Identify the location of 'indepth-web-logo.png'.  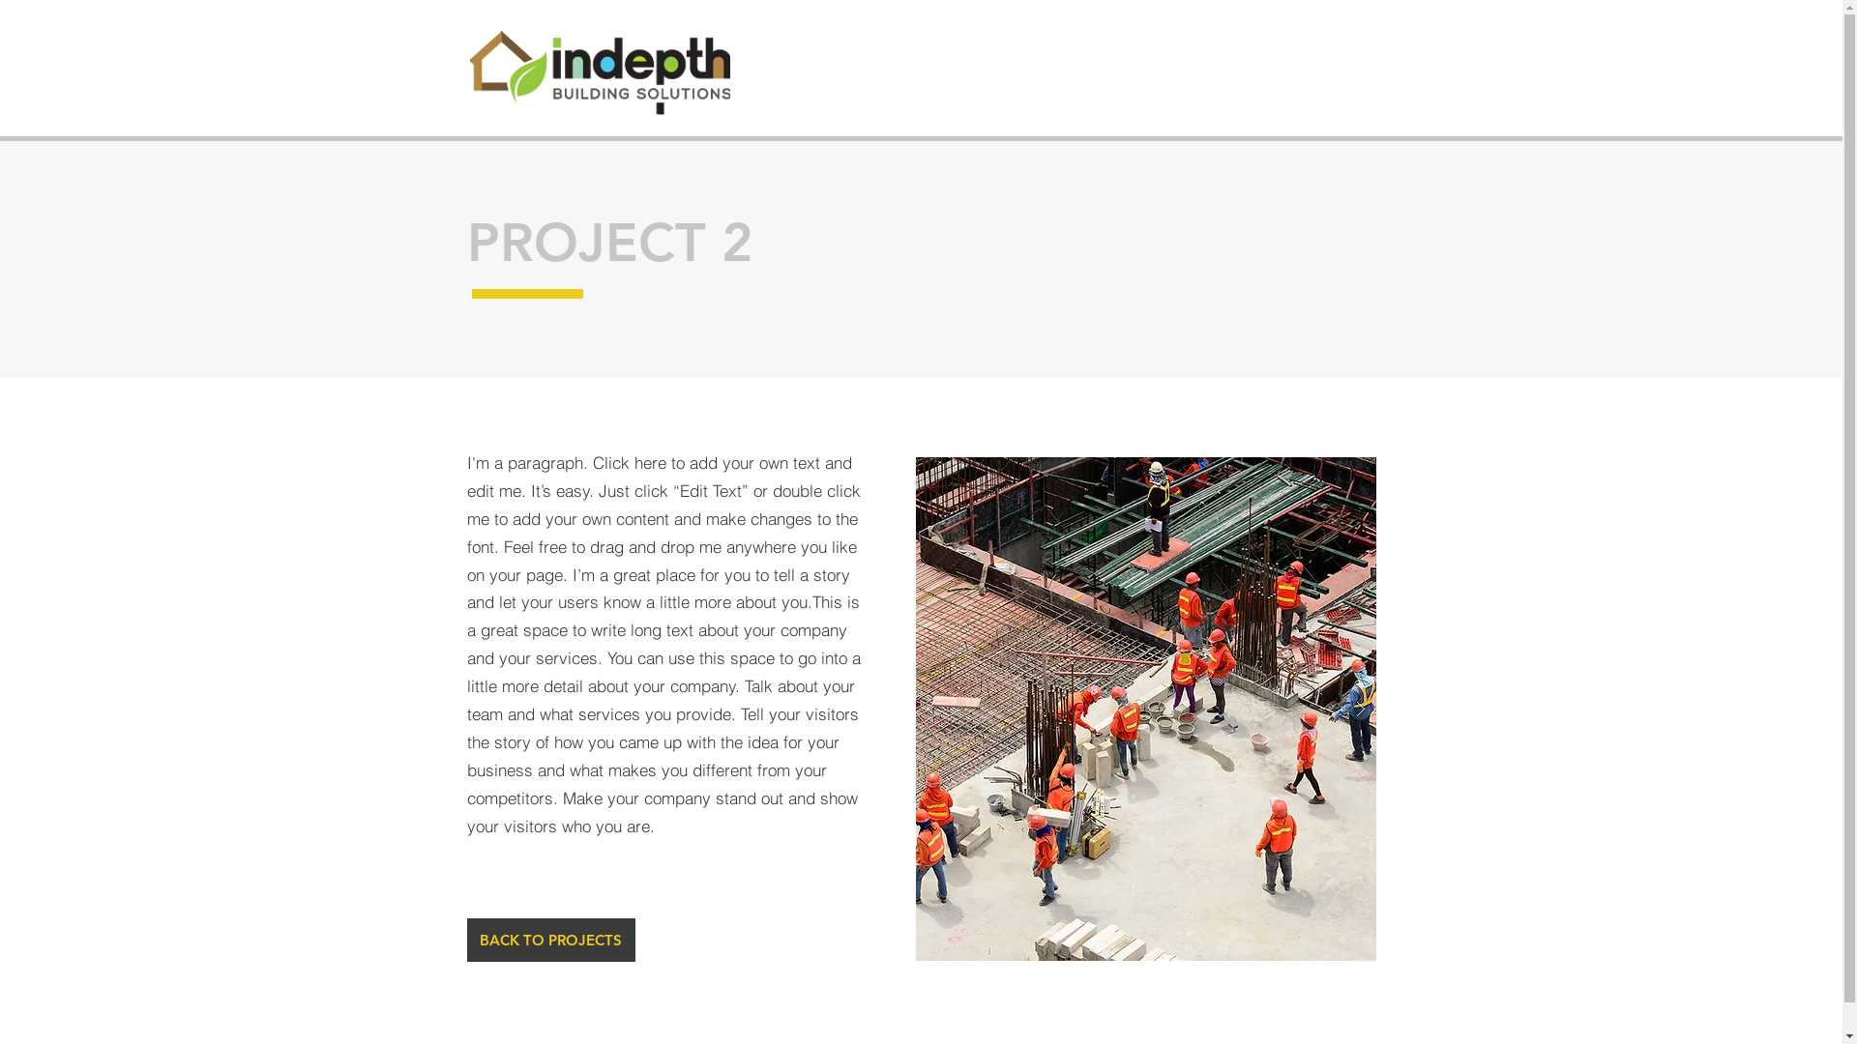
(469, 72).